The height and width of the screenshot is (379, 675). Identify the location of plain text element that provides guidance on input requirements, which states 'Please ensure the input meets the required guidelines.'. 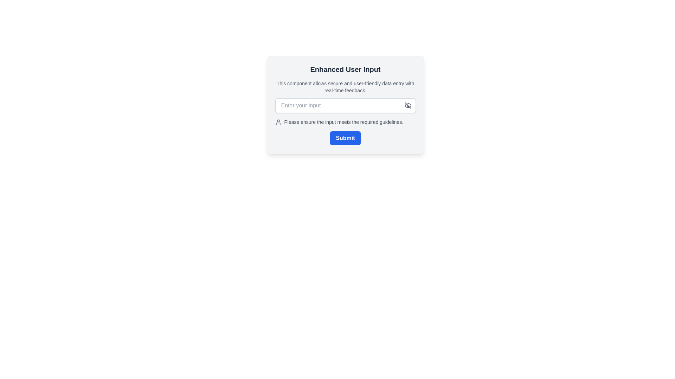
(343, 121).